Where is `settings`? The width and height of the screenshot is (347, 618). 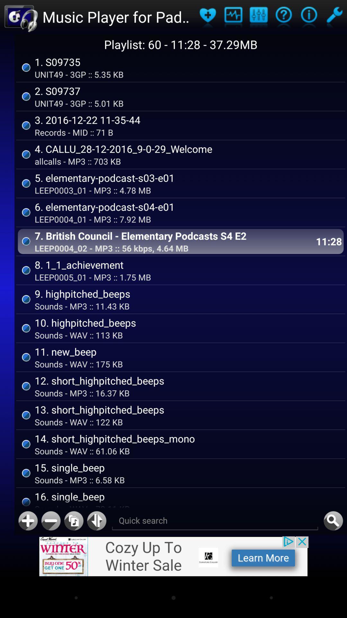
settings is located at coordinates (258, 17).